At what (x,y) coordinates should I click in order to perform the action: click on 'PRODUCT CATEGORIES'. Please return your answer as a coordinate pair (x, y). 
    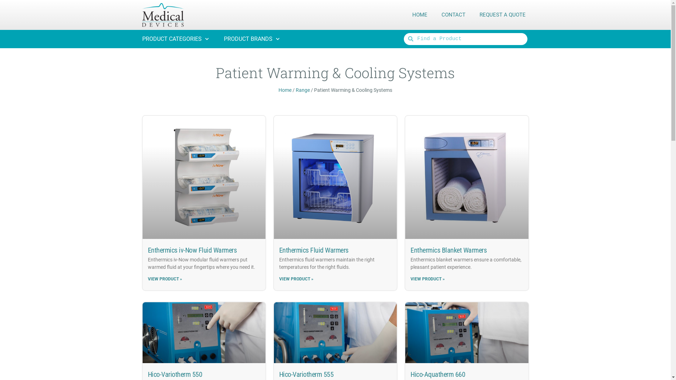
    Looking at the image, I should click on (175, 39).